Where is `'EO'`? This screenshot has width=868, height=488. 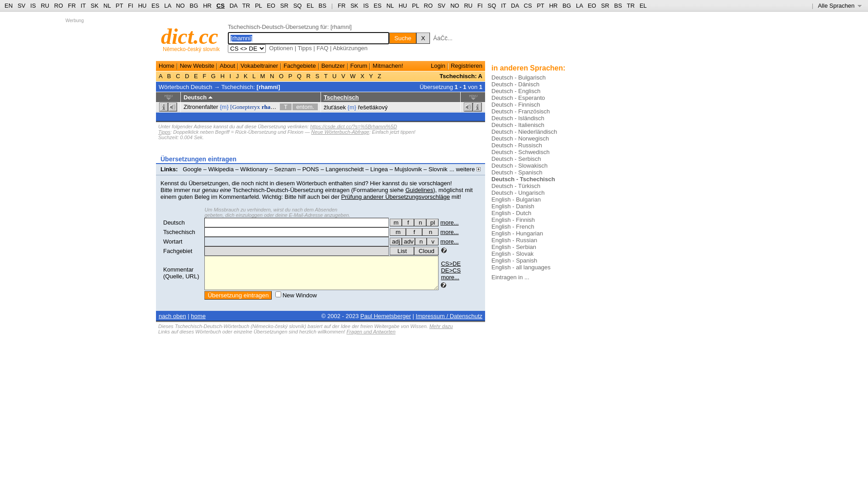
'EO' is located at coordinates (592, 5).